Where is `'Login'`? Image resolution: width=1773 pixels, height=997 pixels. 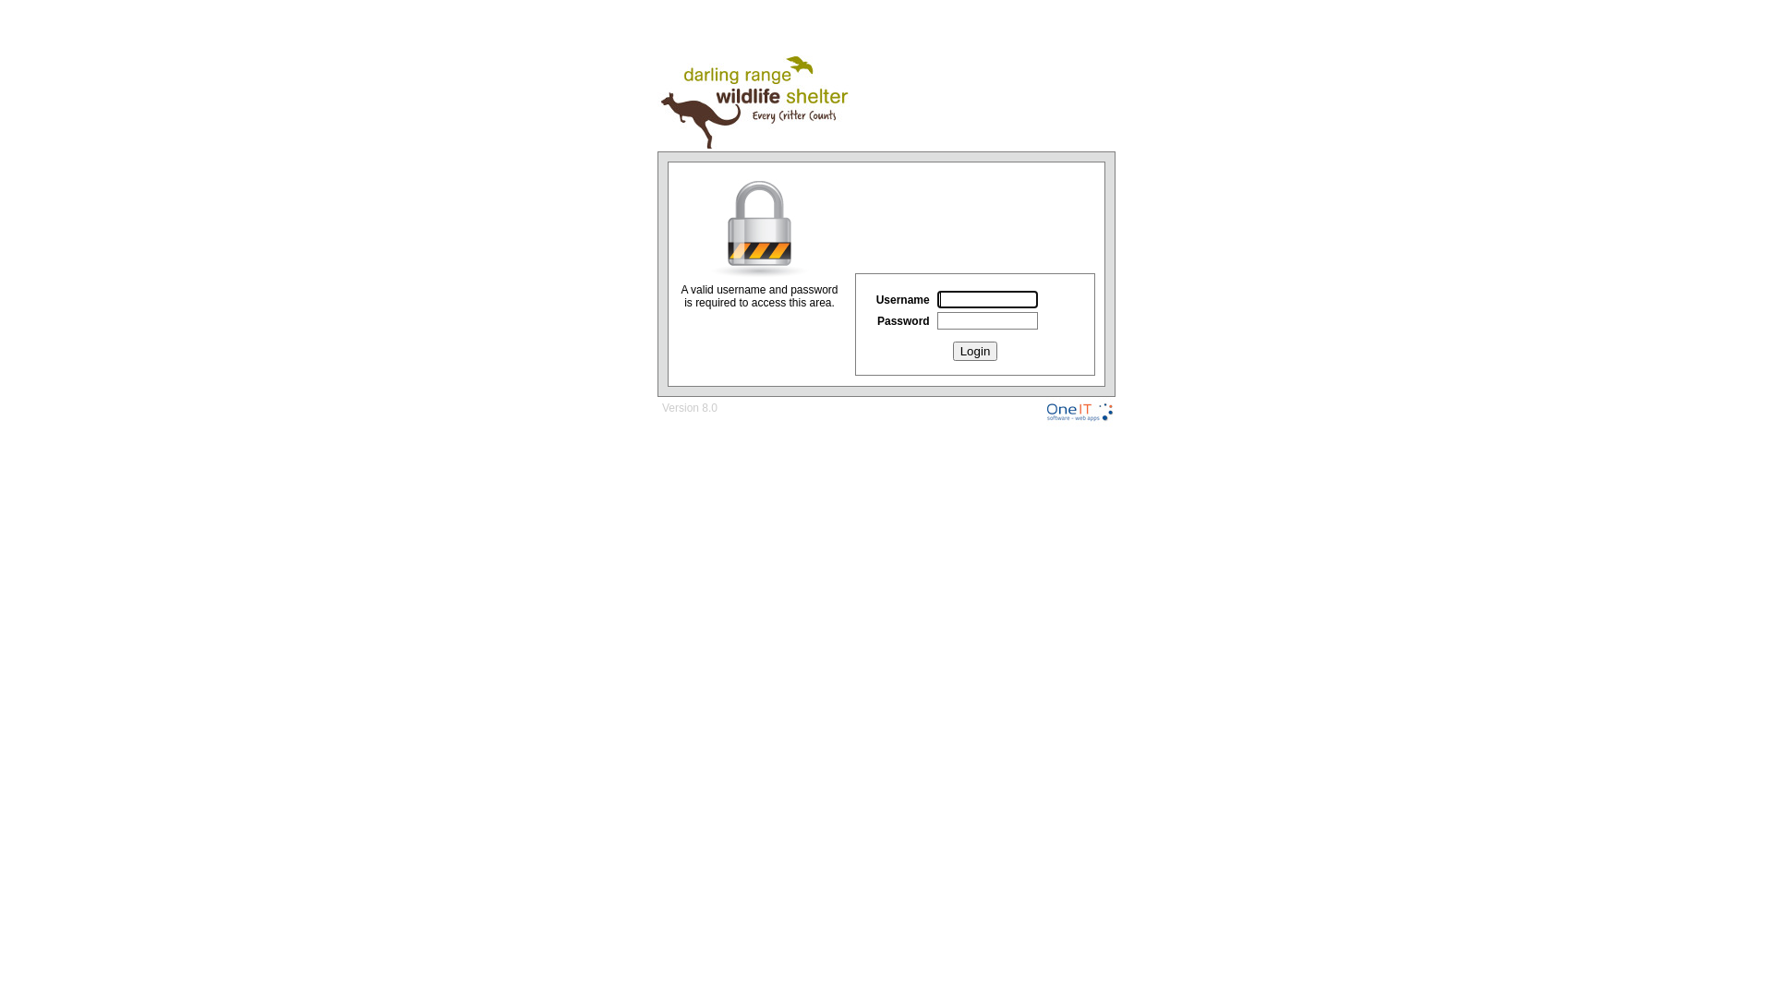
'Login' is located at coordinates (974, 351).